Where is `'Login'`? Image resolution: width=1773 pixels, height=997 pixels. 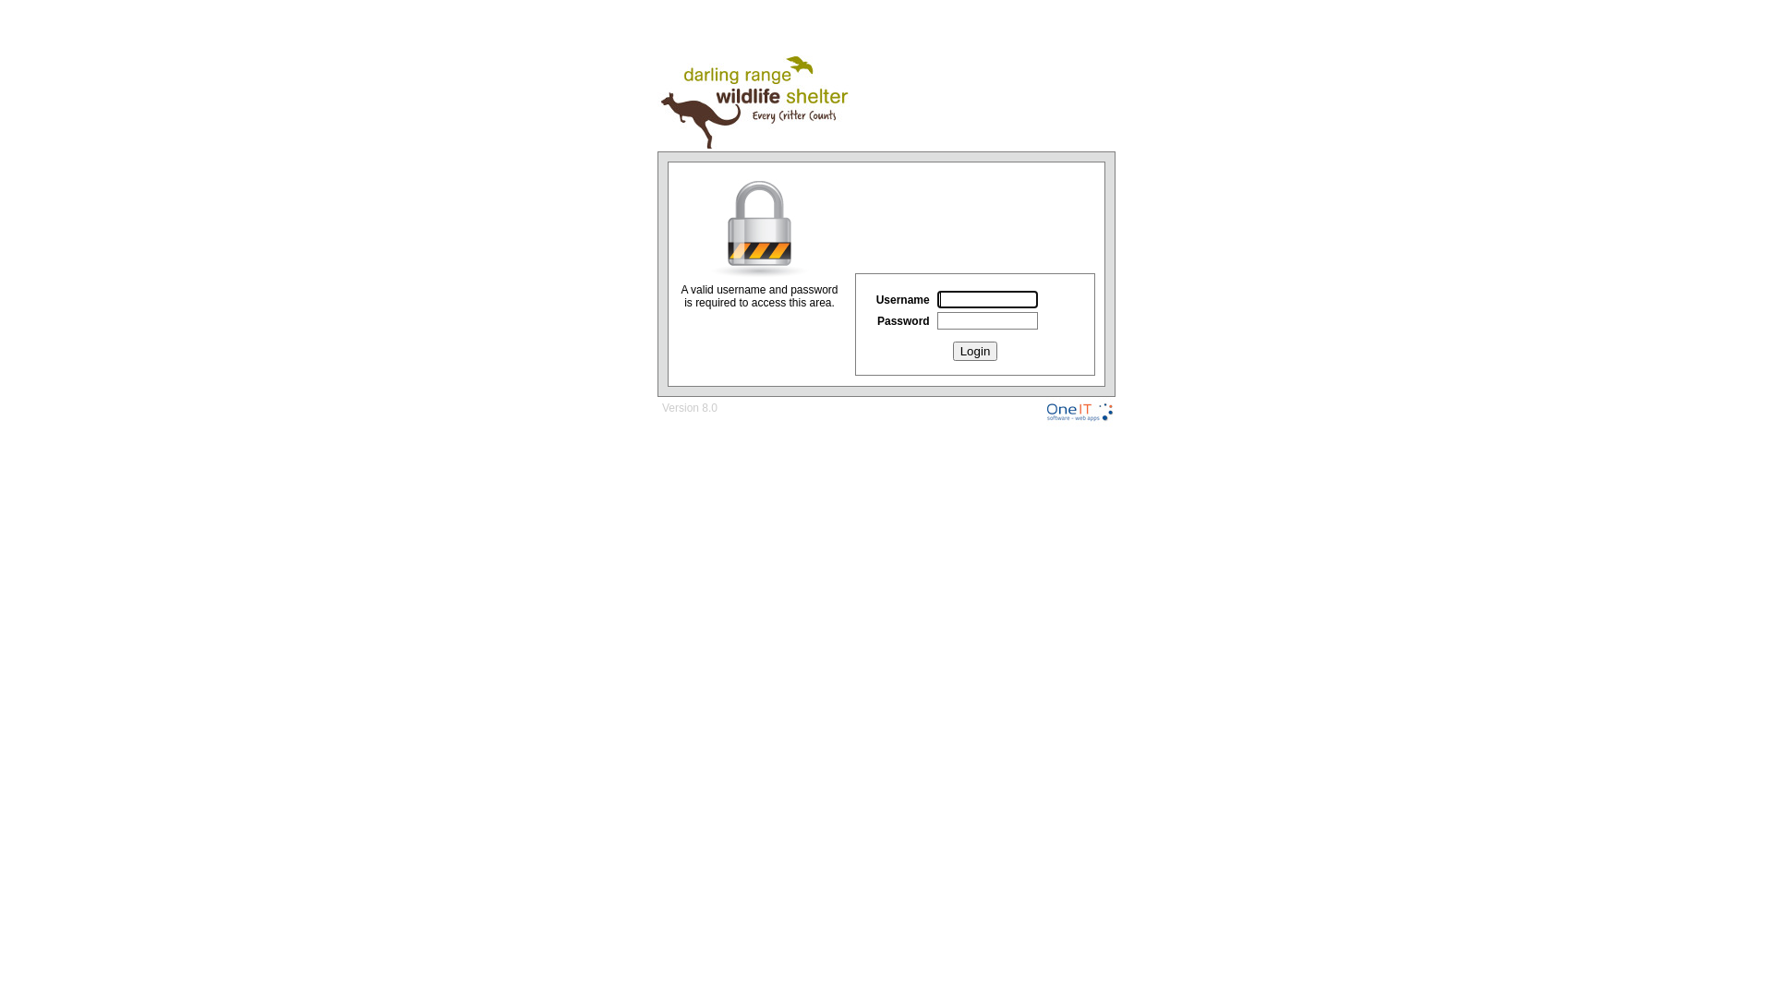
'Login' is located at coordinates (974, 351).